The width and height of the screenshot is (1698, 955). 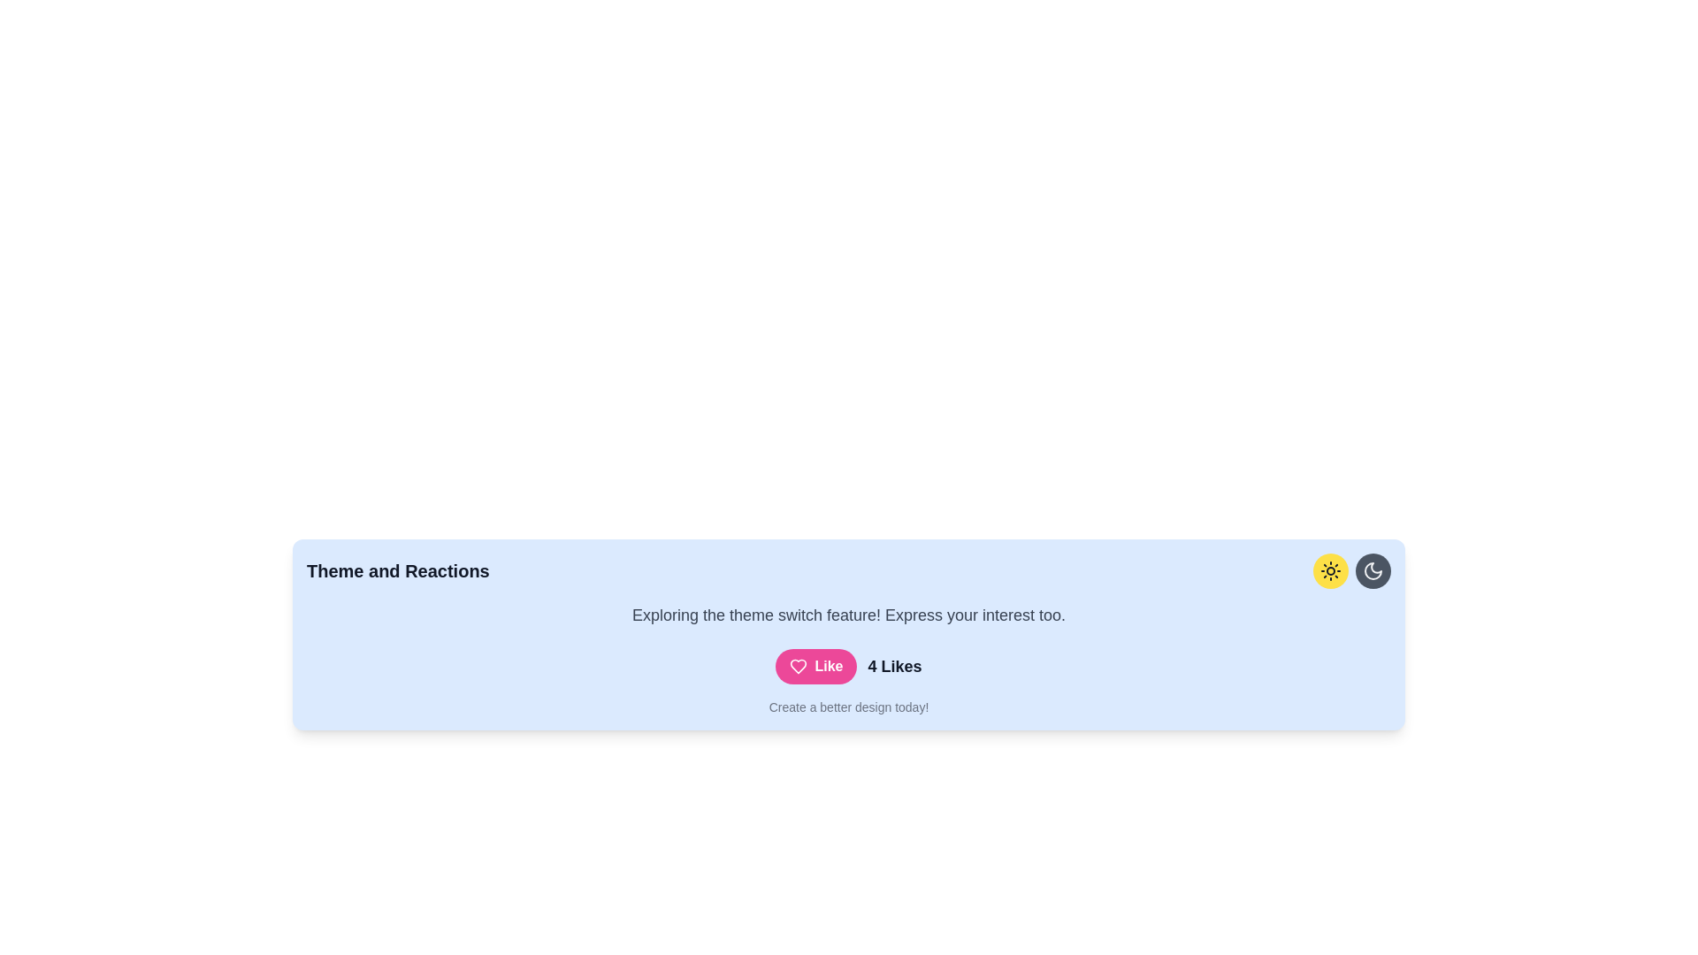 I want to click on the text block displaying 'Create a better design today!' which is located at the bottom of a card with a light blue background, so click(x=849, y=706).